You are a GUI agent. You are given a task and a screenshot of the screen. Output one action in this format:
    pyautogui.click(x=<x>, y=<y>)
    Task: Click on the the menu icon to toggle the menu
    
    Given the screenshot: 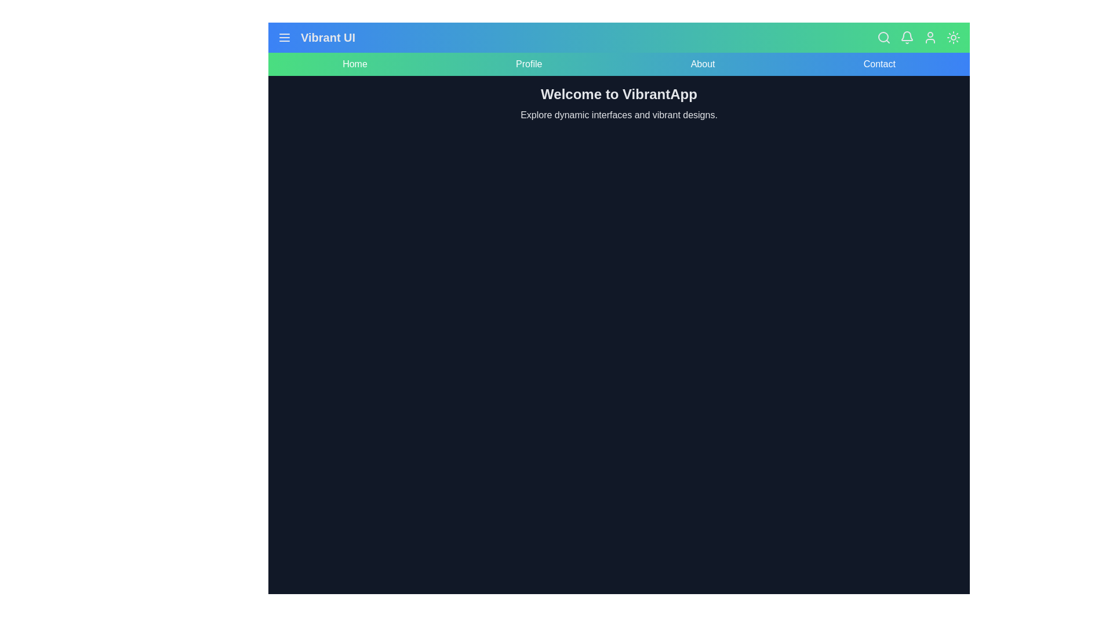 What is the action you would take?
    pyautogui.click(x=284, y=37)
    